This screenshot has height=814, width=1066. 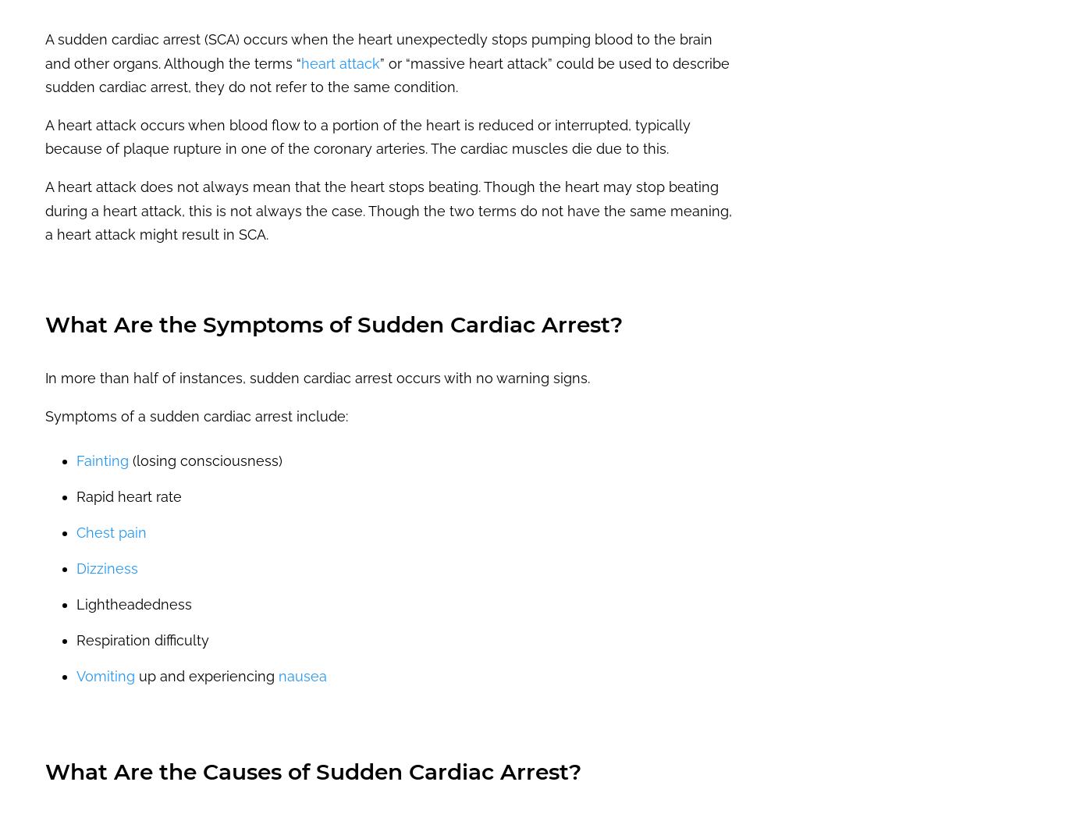 I want to click on 'Rapid heart rate', so click(x=76, y=495).